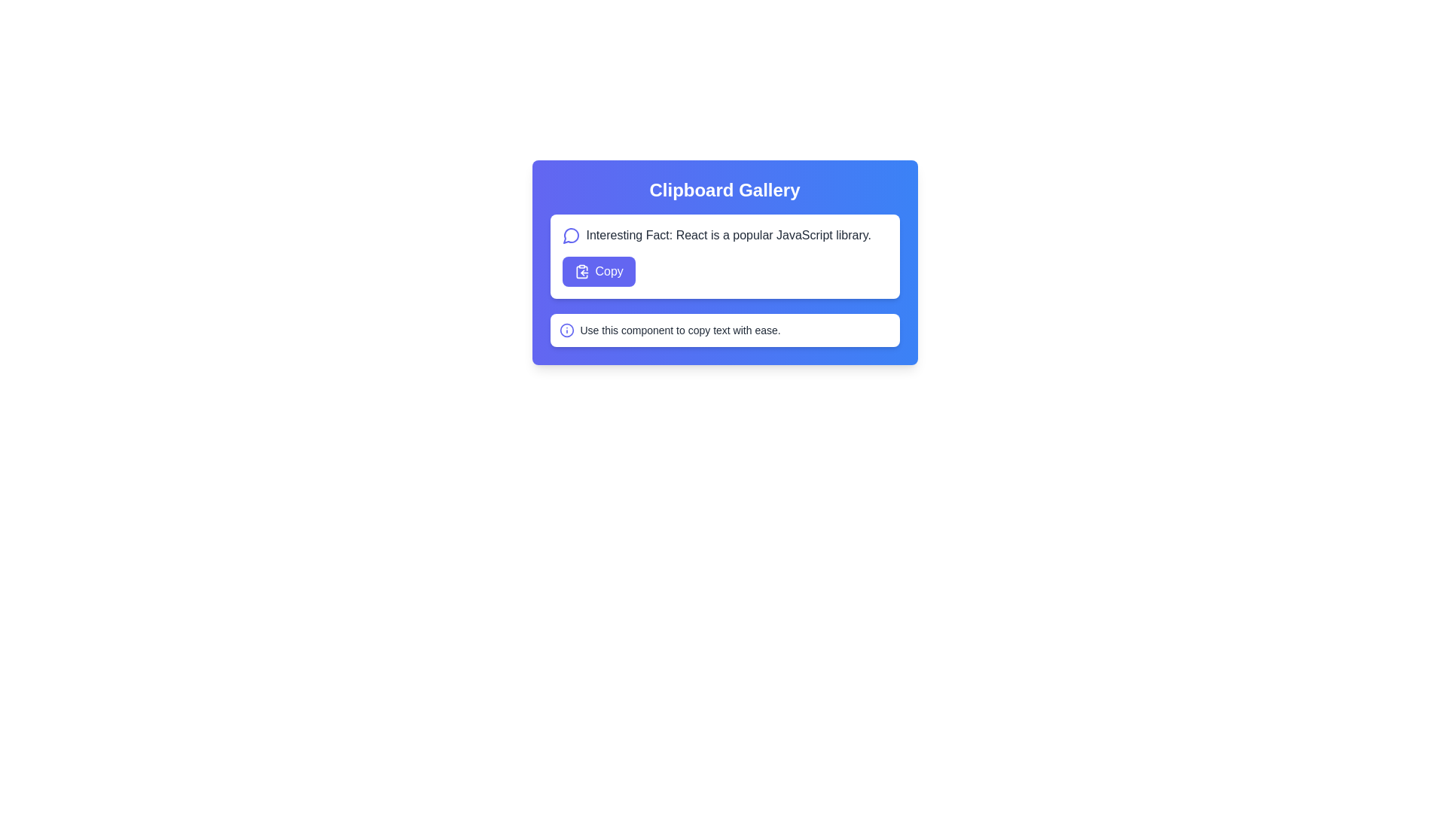 The width and height of the screenshot is (1446, 813). Describe the element at coordinates (609, 272) in the screenshot. I see `the 'Copy' button, which has a label indicating its function to copy data, located centrally slightly to the left of the button` at that location.